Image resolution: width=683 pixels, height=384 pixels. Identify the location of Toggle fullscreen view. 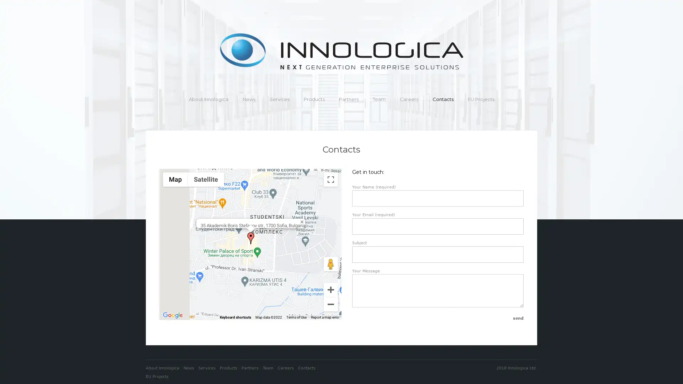
(330, 179).